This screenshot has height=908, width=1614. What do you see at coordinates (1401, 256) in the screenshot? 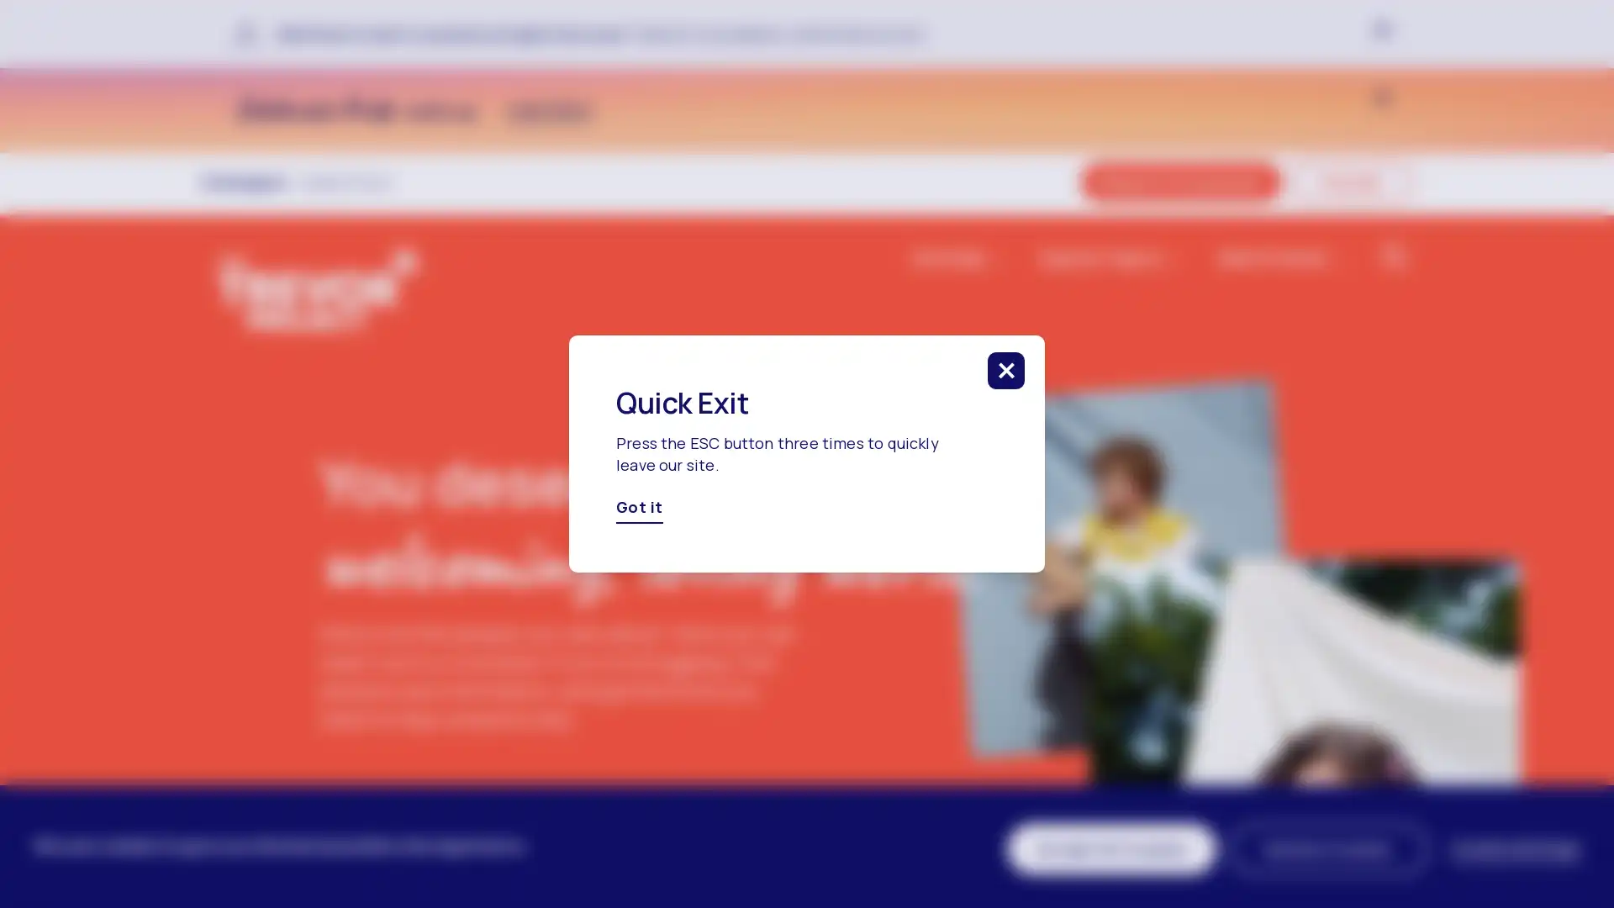
I see `click to search in the website` at bounding box center [1401, 256].